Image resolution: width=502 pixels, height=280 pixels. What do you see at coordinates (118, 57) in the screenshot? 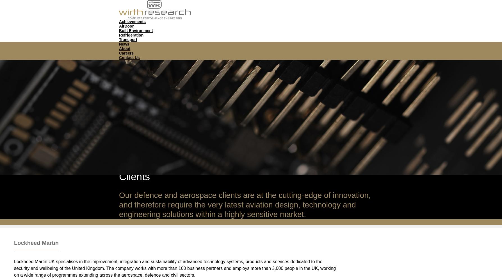
I see `'Contact Us'` at bounding box center [118, 57].